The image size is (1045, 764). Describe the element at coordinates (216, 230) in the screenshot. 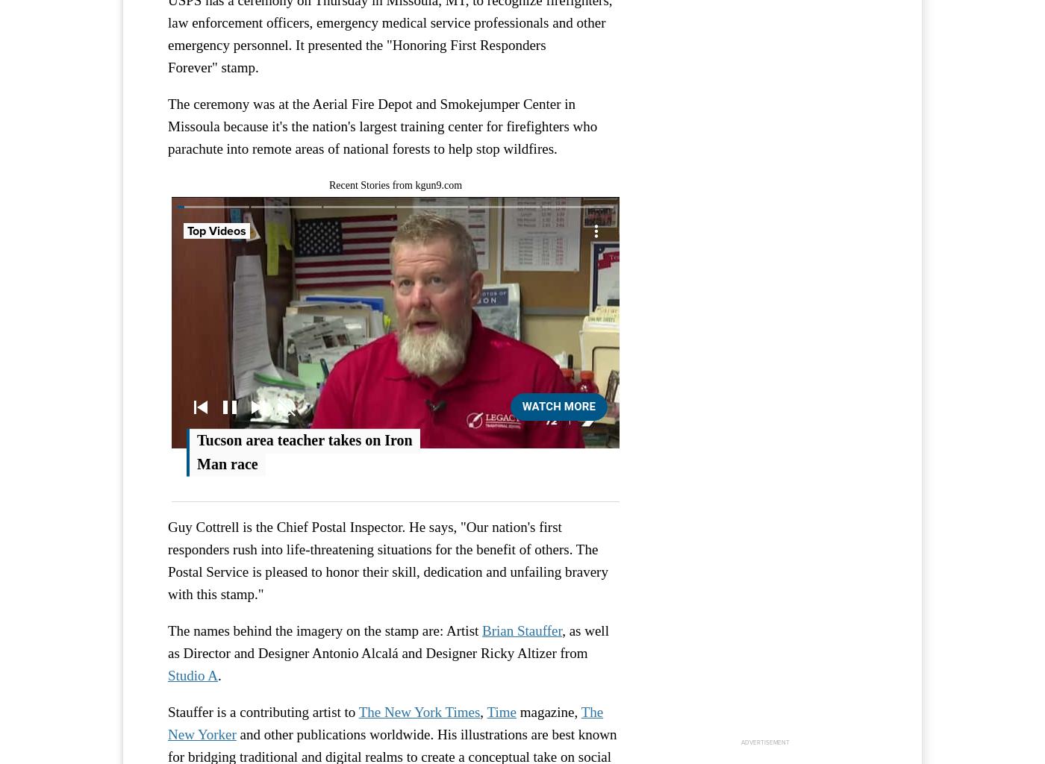

I see `'Top Videos'` at that location.